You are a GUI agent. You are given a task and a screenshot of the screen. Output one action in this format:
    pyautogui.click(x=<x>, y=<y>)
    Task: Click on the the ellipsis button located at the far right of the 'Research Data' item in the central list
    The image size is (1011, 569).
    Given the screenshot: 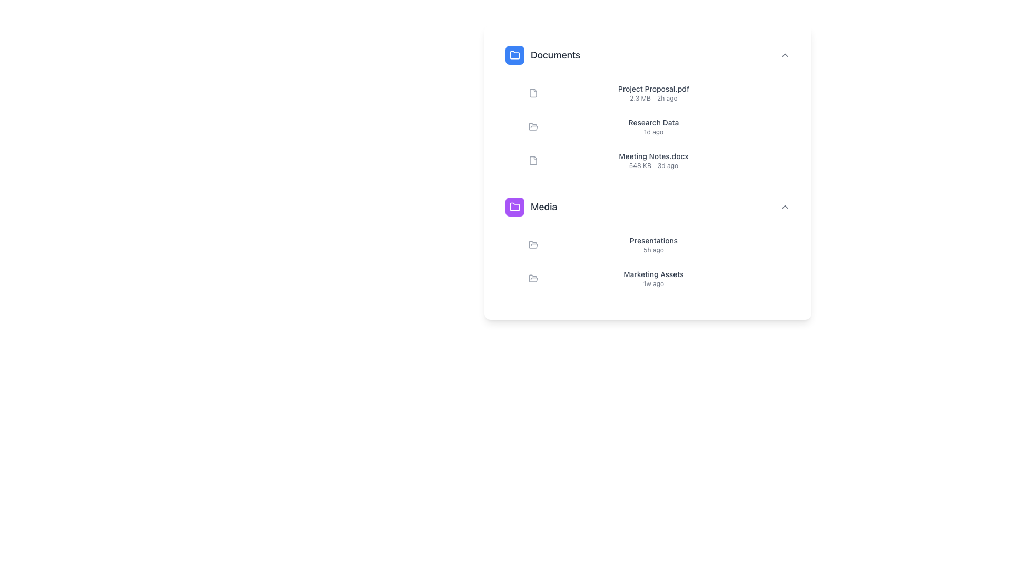 What is the action you would take?
    pyautogui.click(x=786, y=126)
    